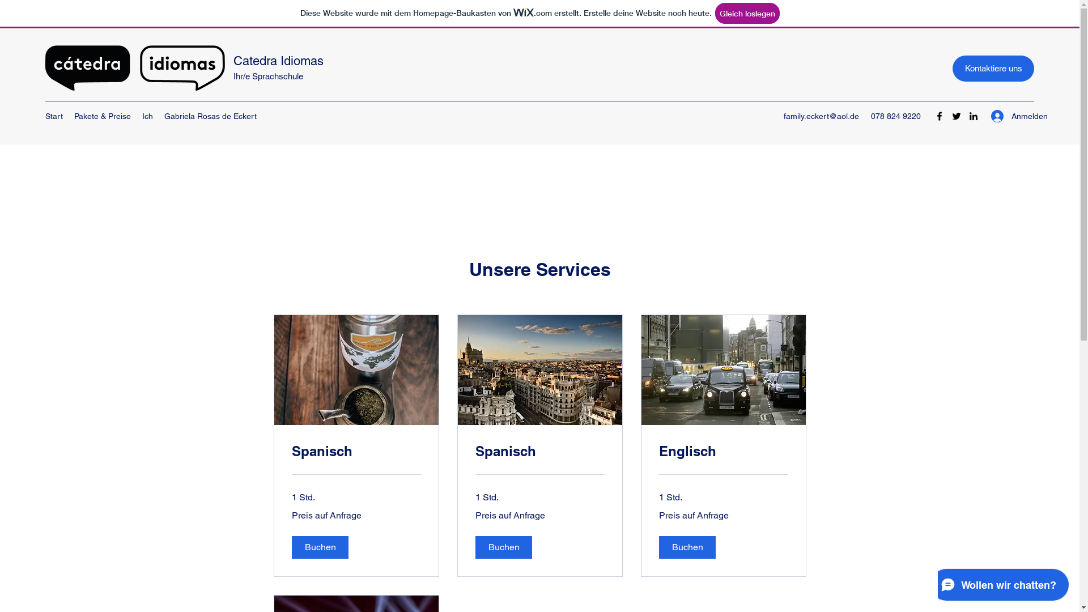 Image resolution: width=1088 pixels, height=612 pixels. Describe the element at coordinates (722, 451) in the screenshot. I see `'Englisch'` at that location.